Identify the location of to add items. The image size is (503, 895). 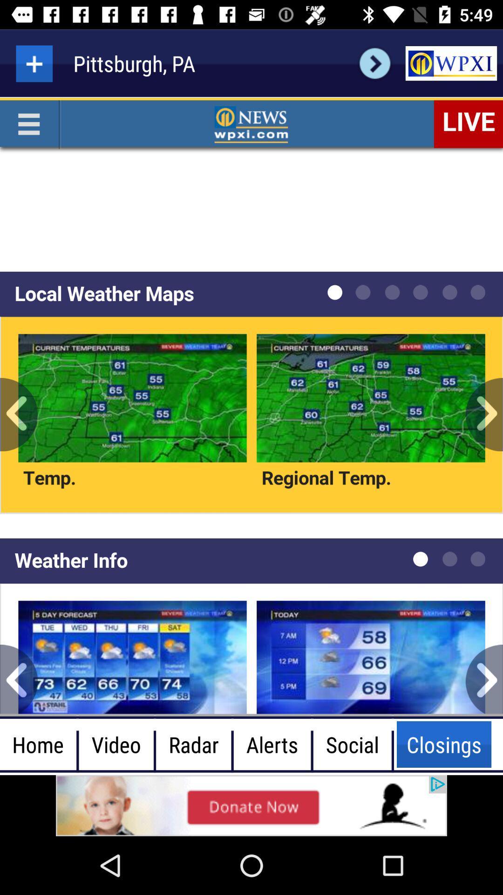
(34, 63).